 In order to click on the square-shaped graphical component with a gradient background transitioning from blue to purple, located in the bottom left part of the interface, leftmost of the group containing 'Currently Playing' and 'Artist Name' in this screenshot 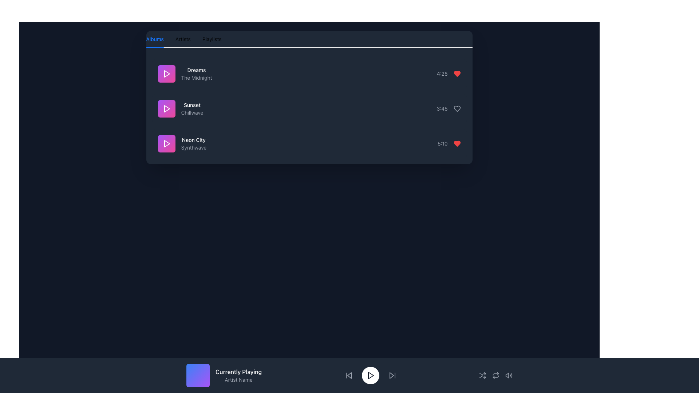, I will do `click(198, 376)`.